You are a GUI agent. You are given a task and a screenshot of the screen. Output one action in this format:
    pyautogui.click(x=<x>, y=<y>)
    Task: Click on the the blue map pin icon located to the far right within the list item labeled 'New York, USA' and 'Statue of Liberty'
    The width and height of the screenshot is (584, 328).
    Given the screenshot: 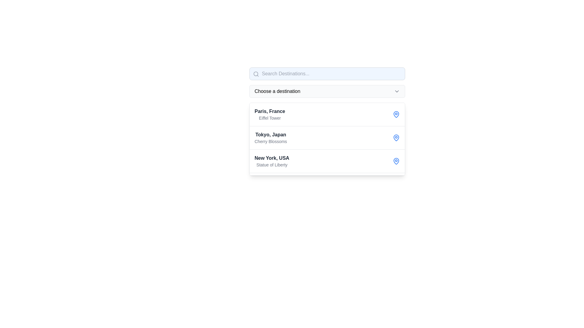 What is the action you would take?
    pyautogui.click(x=396, y=161)
    